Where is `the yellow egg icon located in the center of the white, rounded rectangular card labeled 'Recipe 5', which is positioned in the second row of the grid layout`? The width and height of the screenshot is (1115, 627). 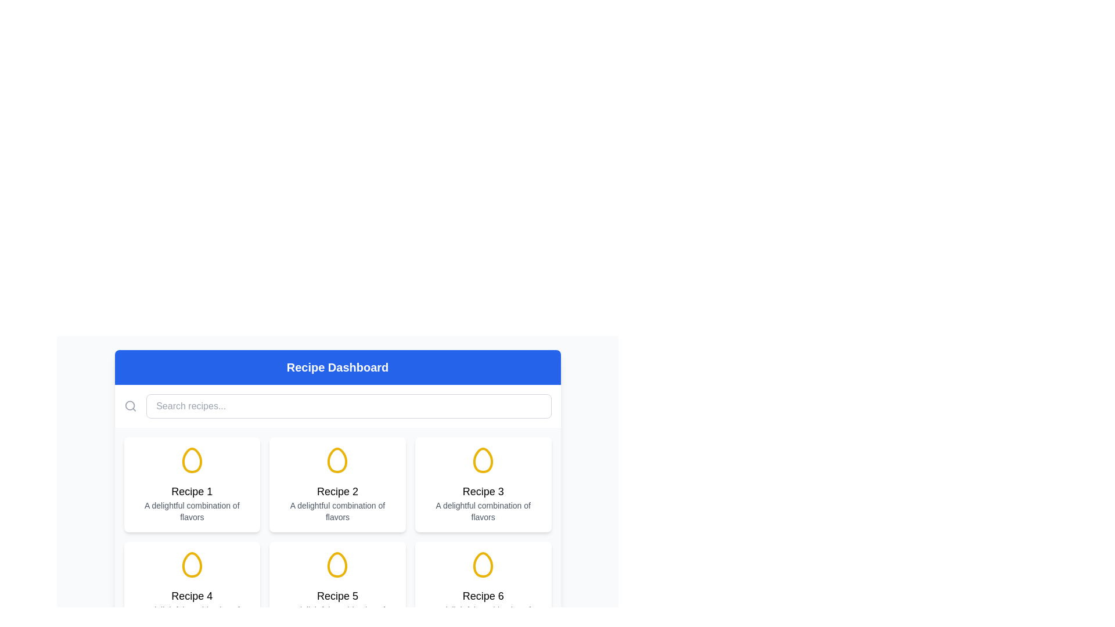 the yellow egg icon located in the center of the white, rounded rectangular card labeled 'Recipe 5', which is positioned in the second row of the grid layout is located at coordinates (337, 564).